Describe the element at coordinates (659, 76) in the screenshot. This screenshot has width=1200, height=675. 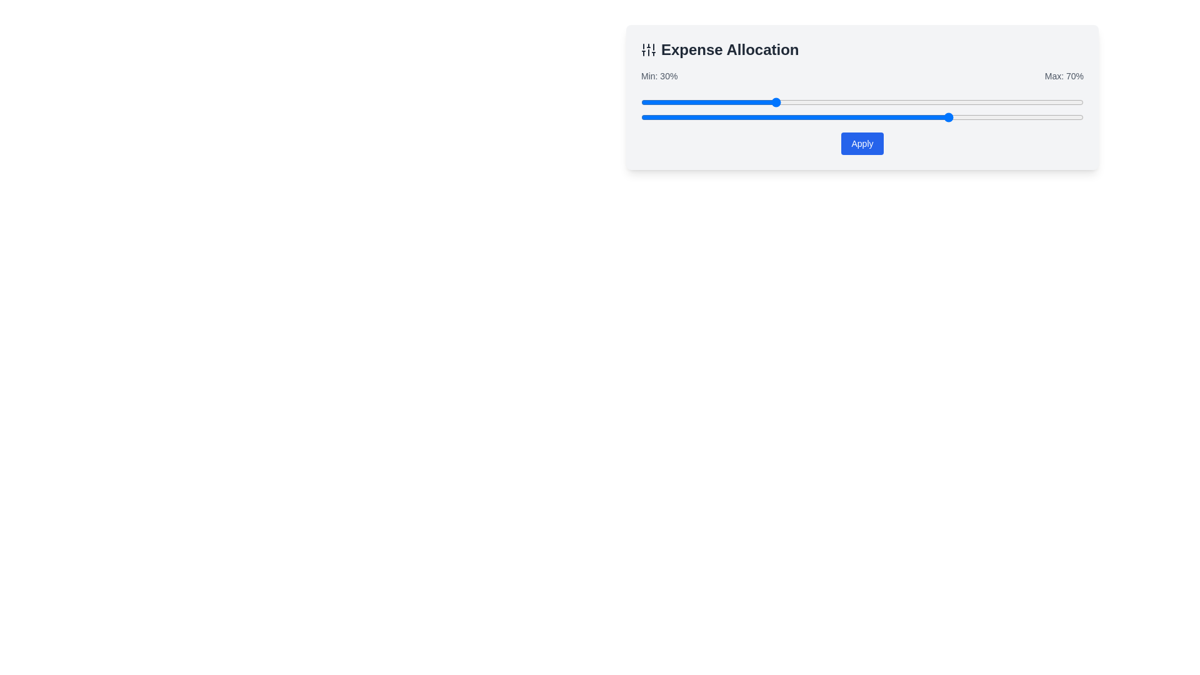
I see `the static text label that reads 'Min: 30%', which is styled in medium-weight gray typography and positioned directly above the slider component` at that location.